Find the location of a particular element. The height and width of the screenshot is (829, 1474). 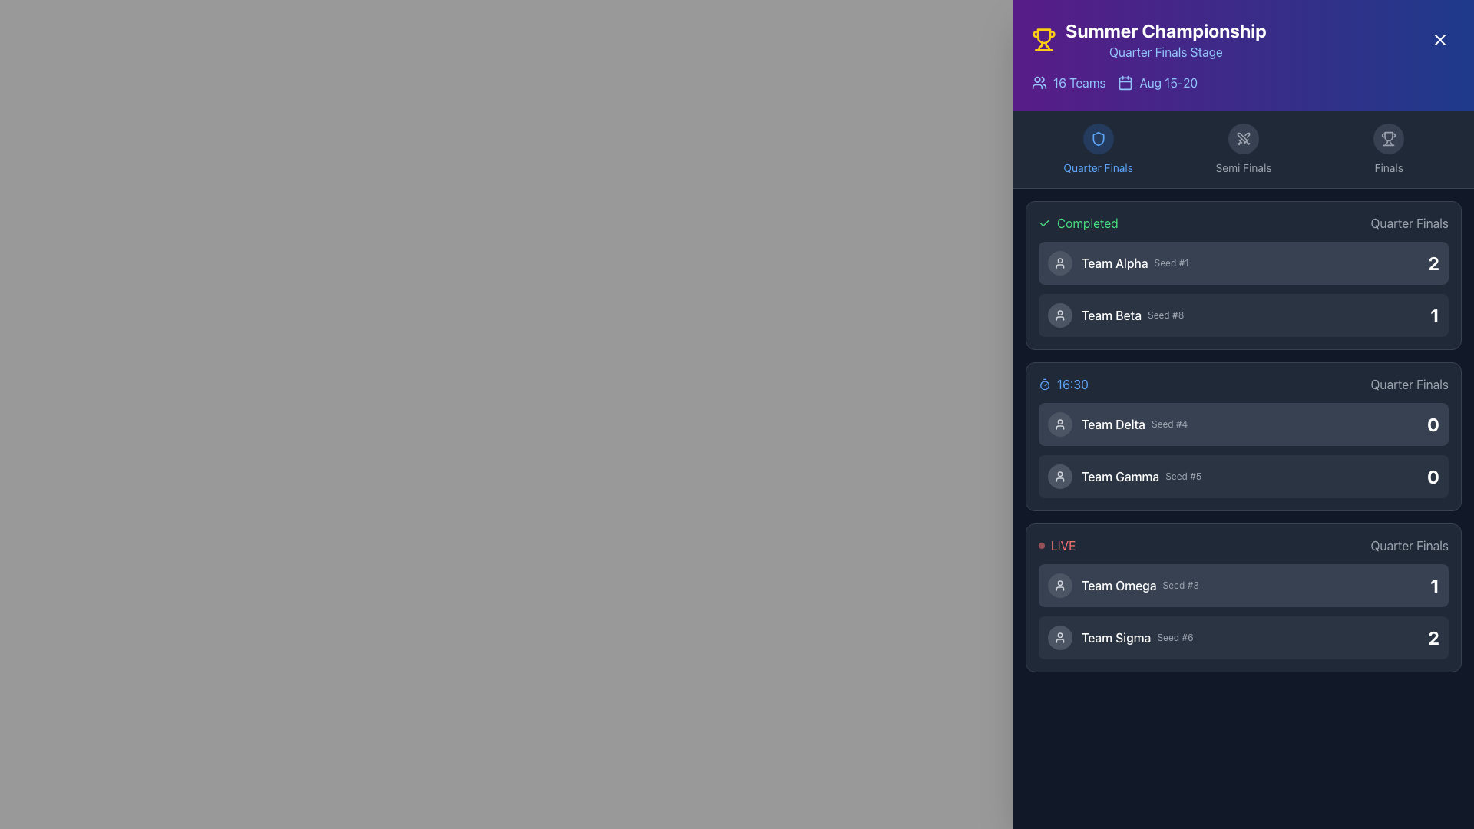

the circular button labeled 'Semi Finals' with a sword icon is located at coordinates (1244, 150).